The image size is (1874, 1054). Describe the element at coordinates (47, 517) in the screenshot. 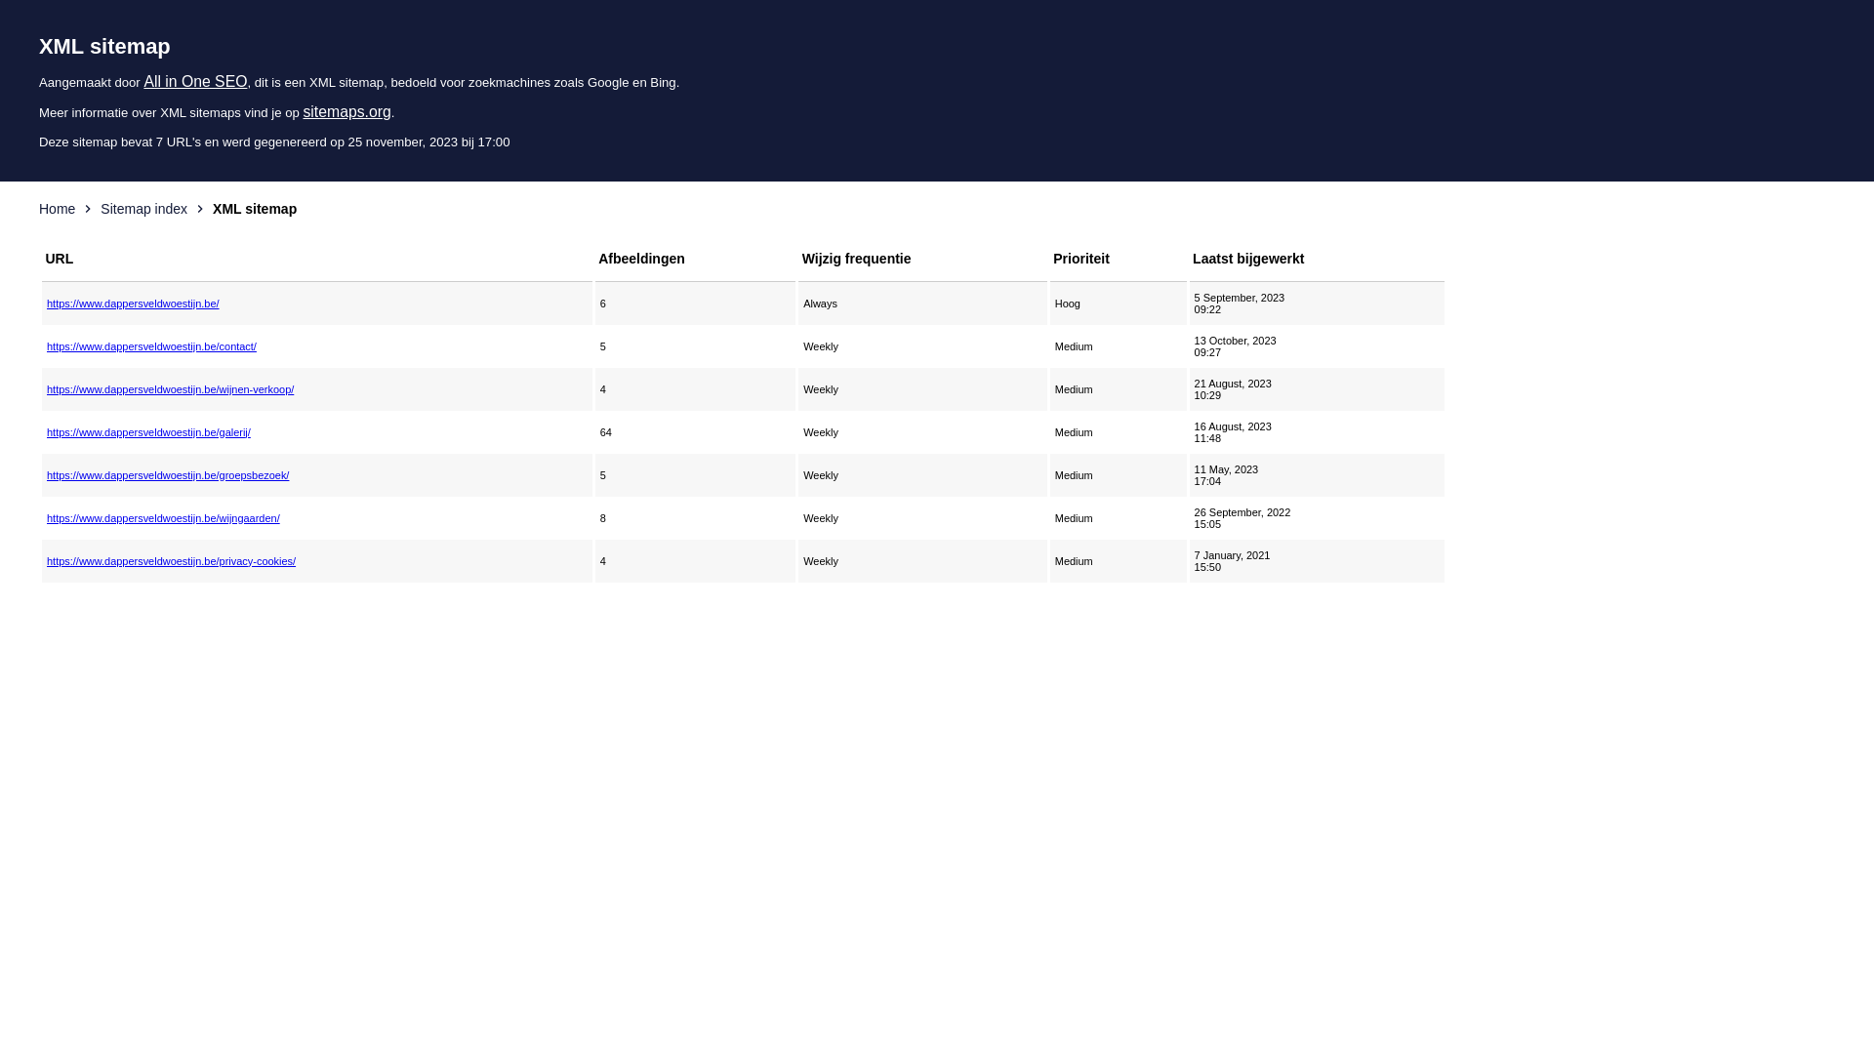

I see `'https://www.dappersveldwoestijn.be/wijngaarden/'` at that location.